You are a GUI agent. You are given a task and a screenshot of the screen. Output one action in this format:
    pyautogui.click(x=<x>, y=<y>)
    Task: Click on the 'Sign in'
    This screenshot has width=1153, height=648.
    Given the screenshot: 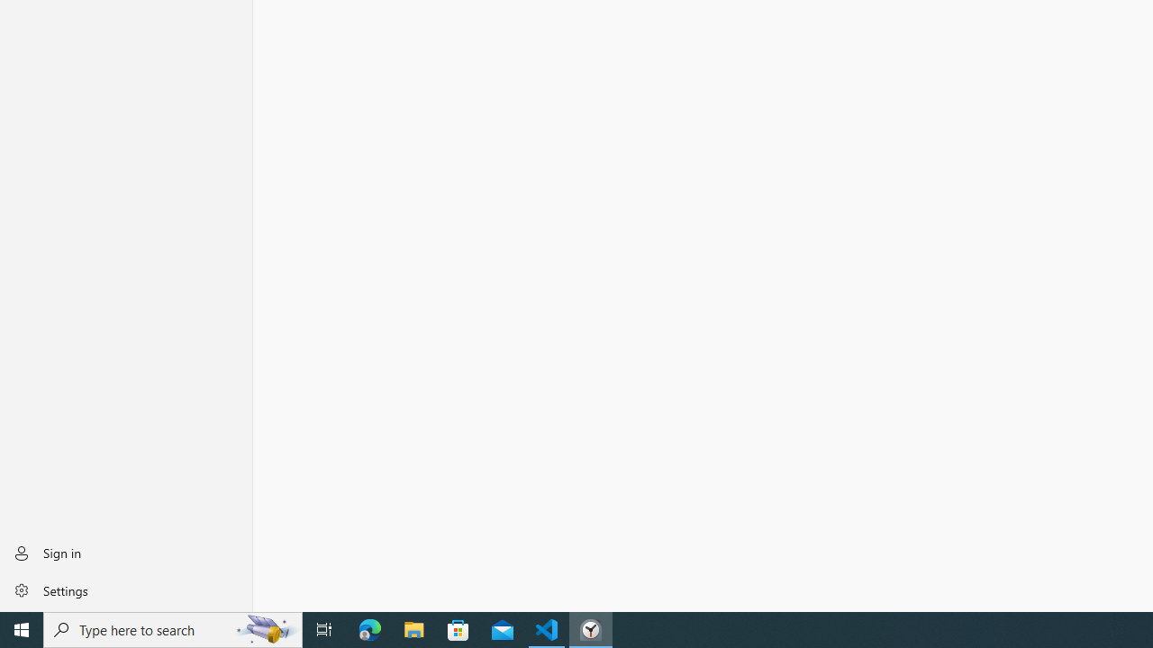 What is the action you would take?
    pyautogui.click(x=125, y=552)
    